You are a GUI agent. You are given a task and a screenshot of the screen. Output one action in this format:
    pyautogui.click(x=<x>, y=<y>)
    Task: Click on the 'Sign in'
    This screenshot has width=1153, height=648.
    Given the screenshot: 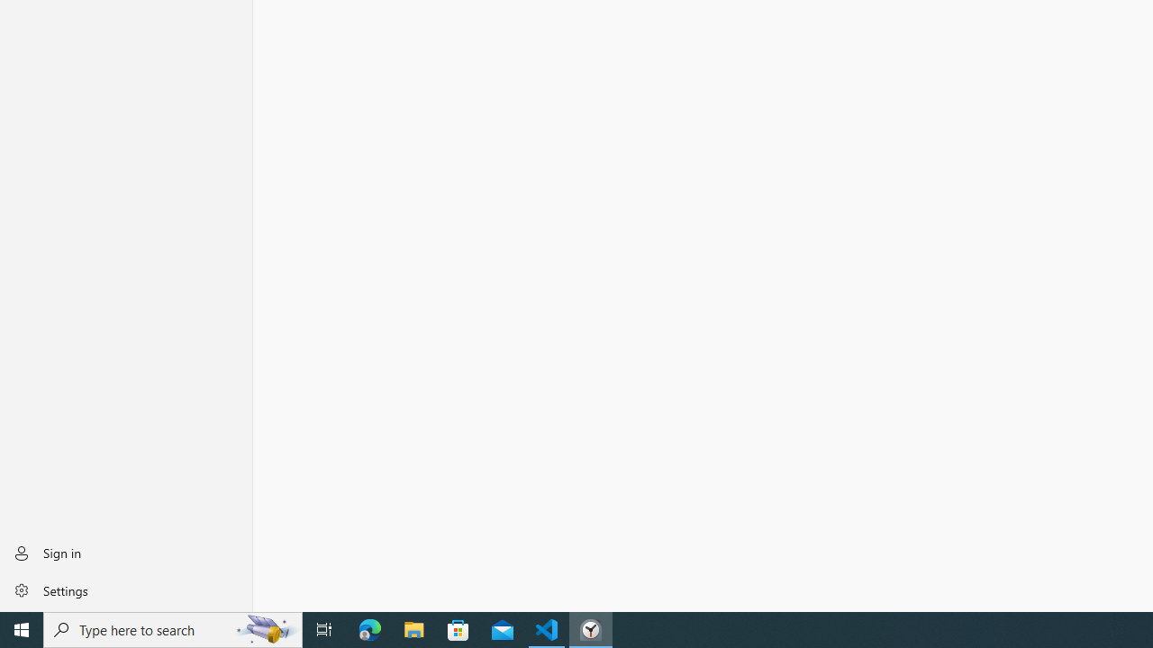 What is the action you would take?
    pyautogui.click(x=125, y=552)
    